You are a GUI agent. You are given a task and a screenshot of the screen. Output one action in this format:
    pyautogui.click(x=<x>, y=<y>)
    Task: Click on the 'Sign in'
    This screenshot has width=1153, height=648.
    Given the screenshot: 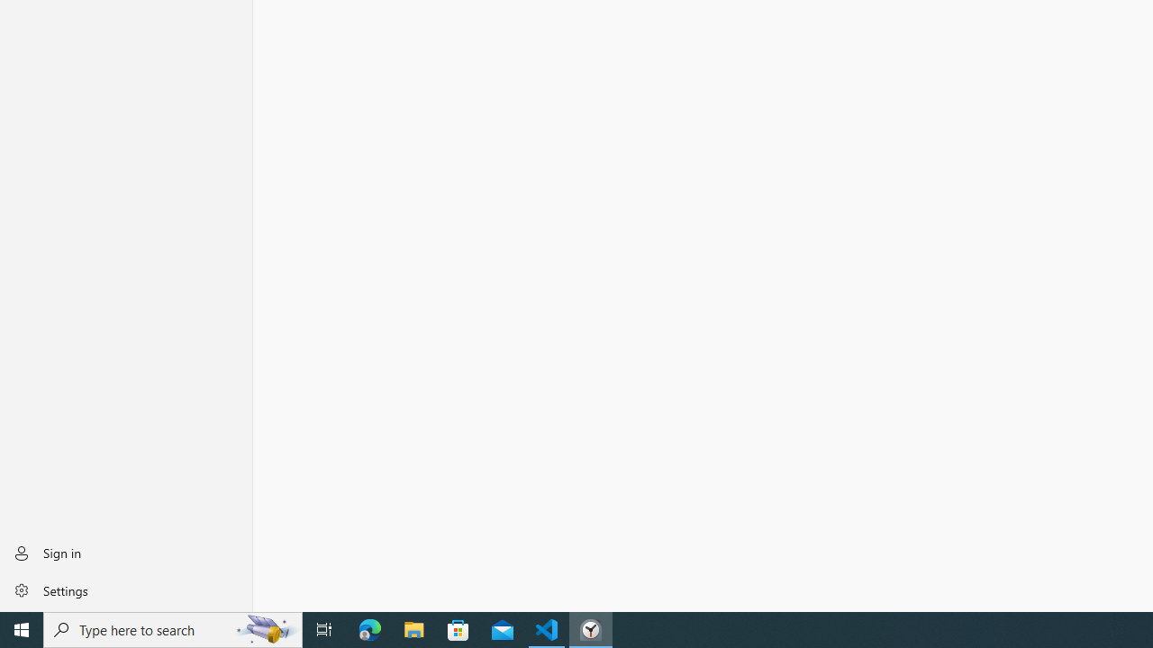 What is the action you would take?
    pyautogui.click(x=125, y=552)
    